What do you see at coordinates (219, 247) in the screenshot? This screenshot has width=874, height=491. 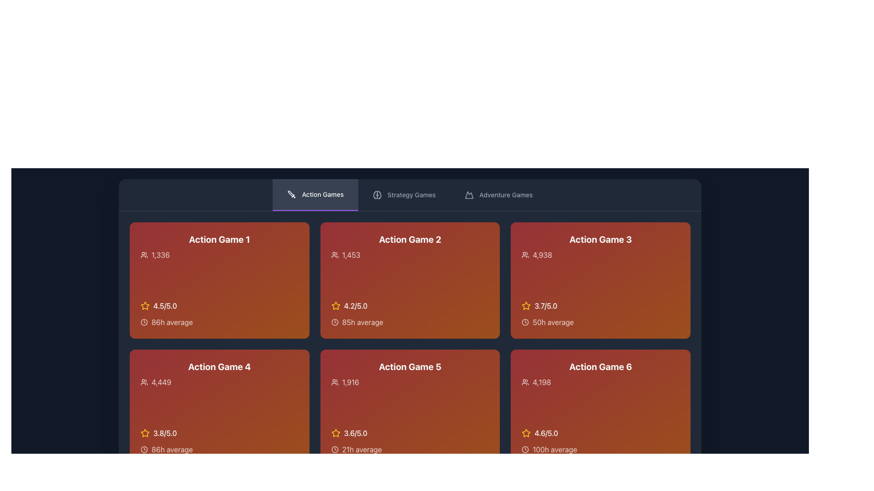 I see `the title 'Action Game 1' in the top-left card of the game details grid` at bounding box center [219, 247].